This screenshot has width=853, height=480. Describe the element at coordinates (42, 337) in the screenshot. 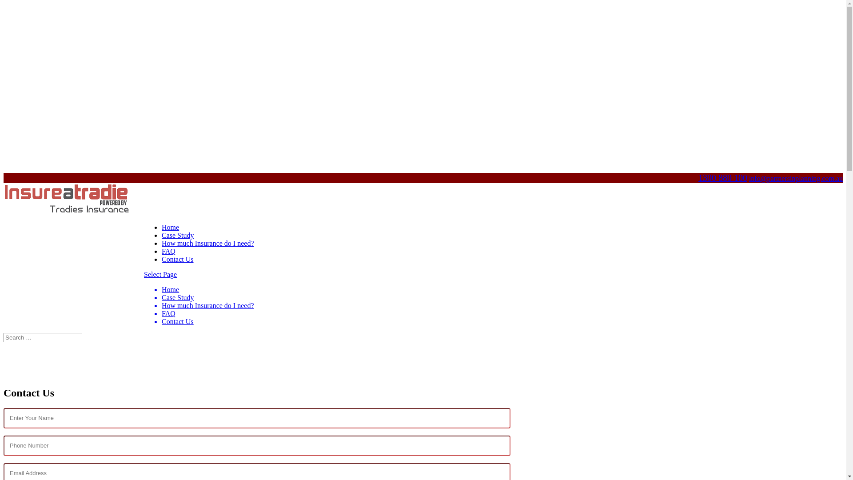

I see `'Search for:'` at that location.